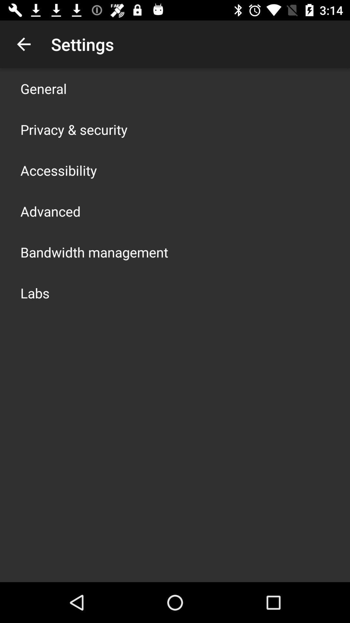  What do you see at coordinates (23, 44) in the screenshot?
I see `the item to the left of settings item` at bounding box center [23, 44].